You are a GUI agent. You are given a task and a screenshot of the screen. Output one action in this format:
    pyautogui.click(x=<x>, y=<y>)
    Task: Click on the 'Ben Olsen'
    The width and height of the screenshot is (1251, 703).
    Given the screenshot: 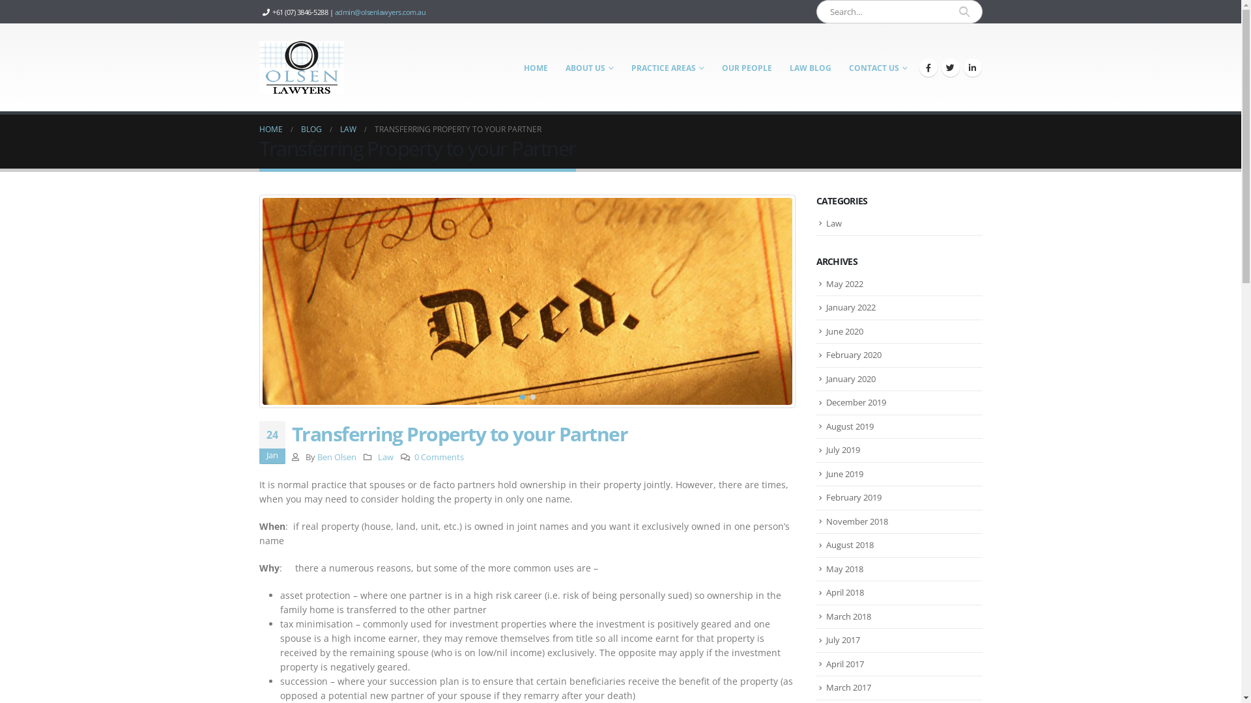 What is the action you would take?
    pyautogui.click(x=317, y=456)
    